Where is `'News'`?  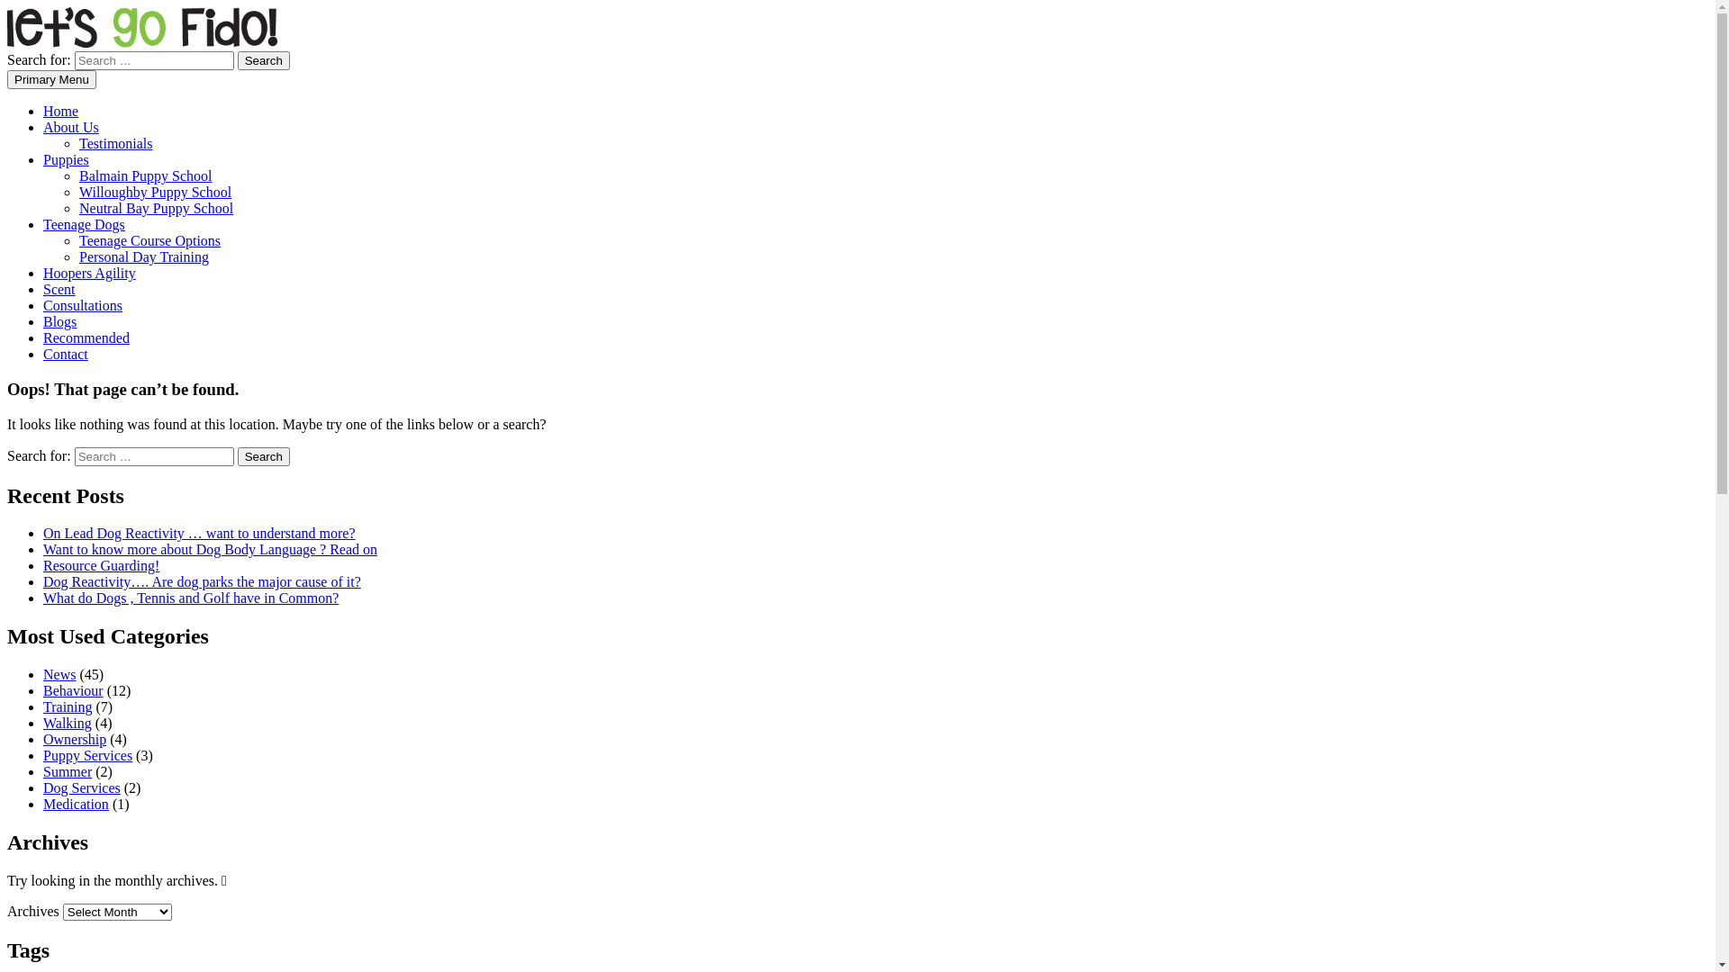
'News' is located at coordinates (43, 674).